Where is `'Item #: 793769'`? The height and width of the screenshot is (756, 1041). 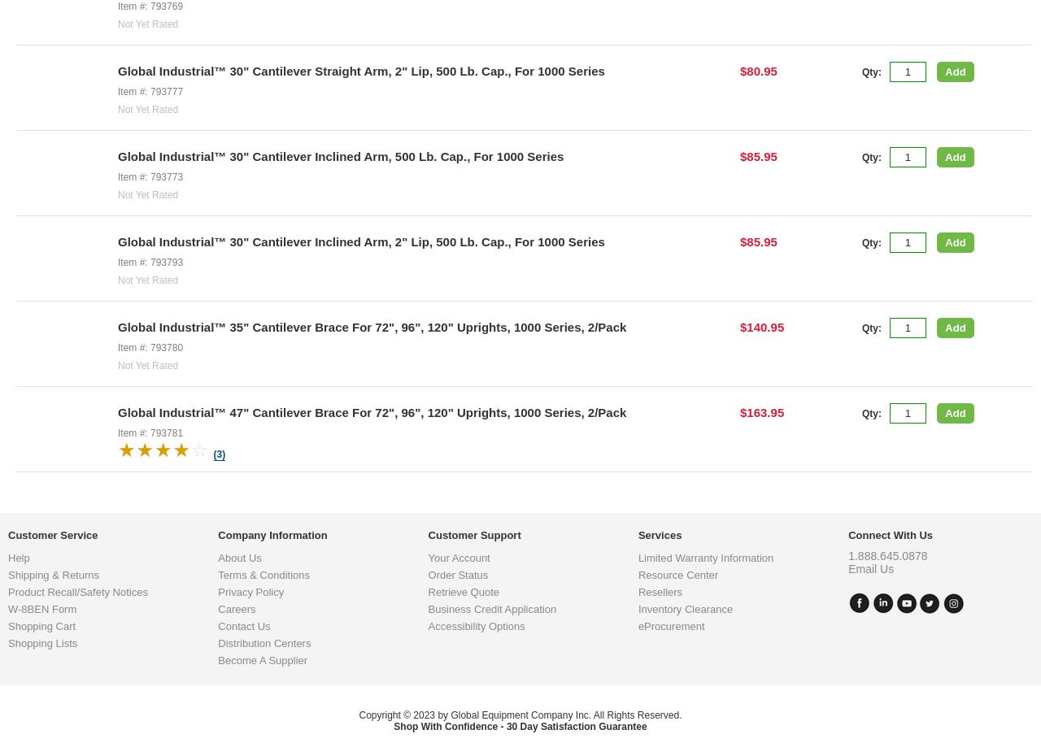
'Item #: 793769' is located at coordinates (117, 4).